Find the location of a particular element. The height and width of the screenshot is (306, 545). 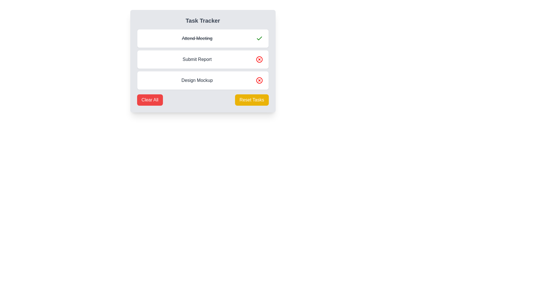

the SVG icon with a checkmark design that indicates task completion, located at the rightmost side of the first row in the task tracker UI adjacent to the text 'Attend Meeting' is located at coordinates (259, 38).